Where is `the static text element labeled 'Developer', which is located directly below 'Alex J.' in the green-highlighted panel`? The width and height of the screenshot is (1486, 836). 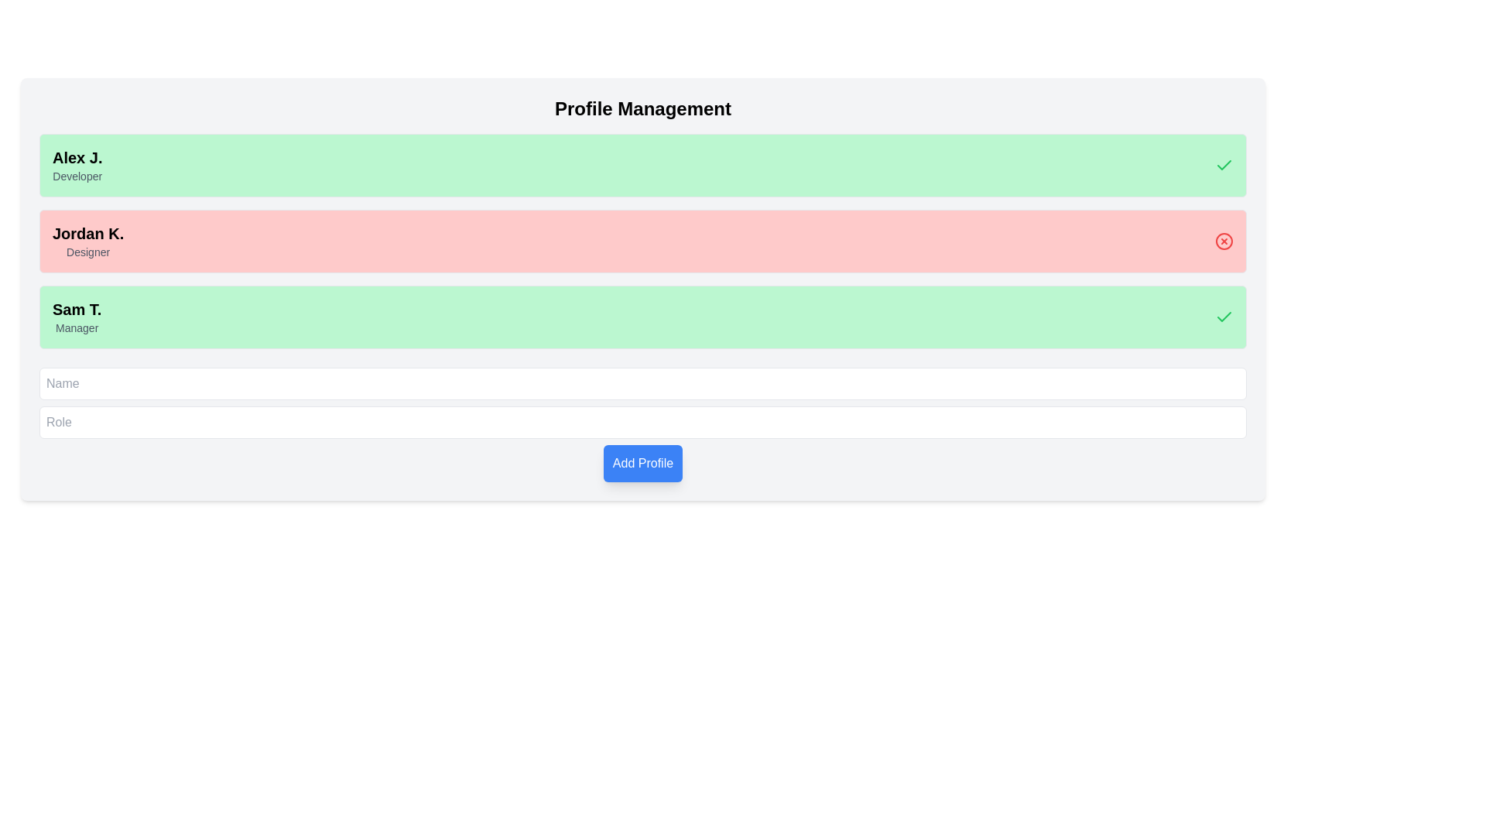
the static text element labeled 'Developer', which is located directly below 'Alex J.' in the green-highlighted panel is located at coordinates (77, 175).